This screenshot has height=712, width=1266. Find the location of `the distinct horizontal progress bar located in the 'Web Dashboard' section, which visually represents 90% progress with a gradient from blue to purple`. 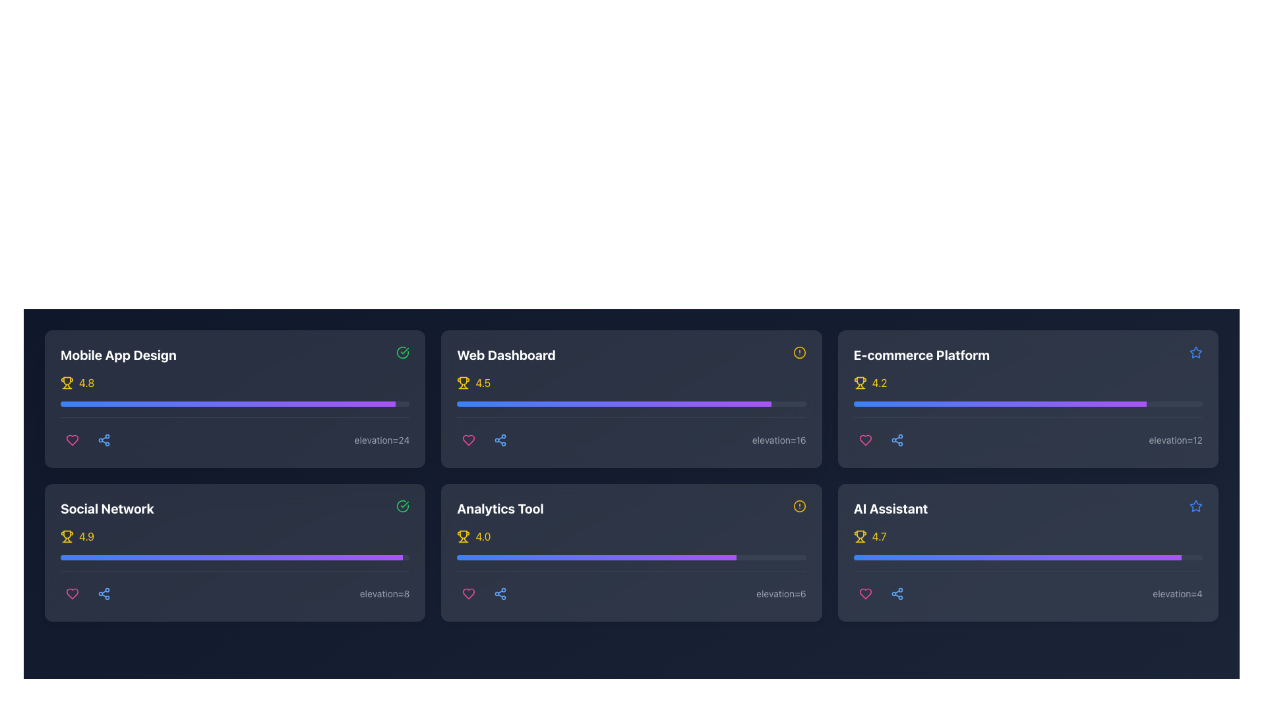

the distinct horizontal progress bar located in the 'Web Dashboard' section, which visually represents 90% progress with a gradient from blue to purple is located at coordinates (631, 403).